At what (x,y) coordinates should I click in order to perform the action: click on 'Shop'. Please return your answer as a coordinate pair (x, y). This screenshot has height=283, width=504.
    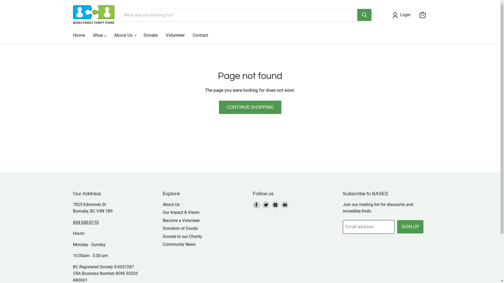
    Looking at the image, I should click on (99, 35).